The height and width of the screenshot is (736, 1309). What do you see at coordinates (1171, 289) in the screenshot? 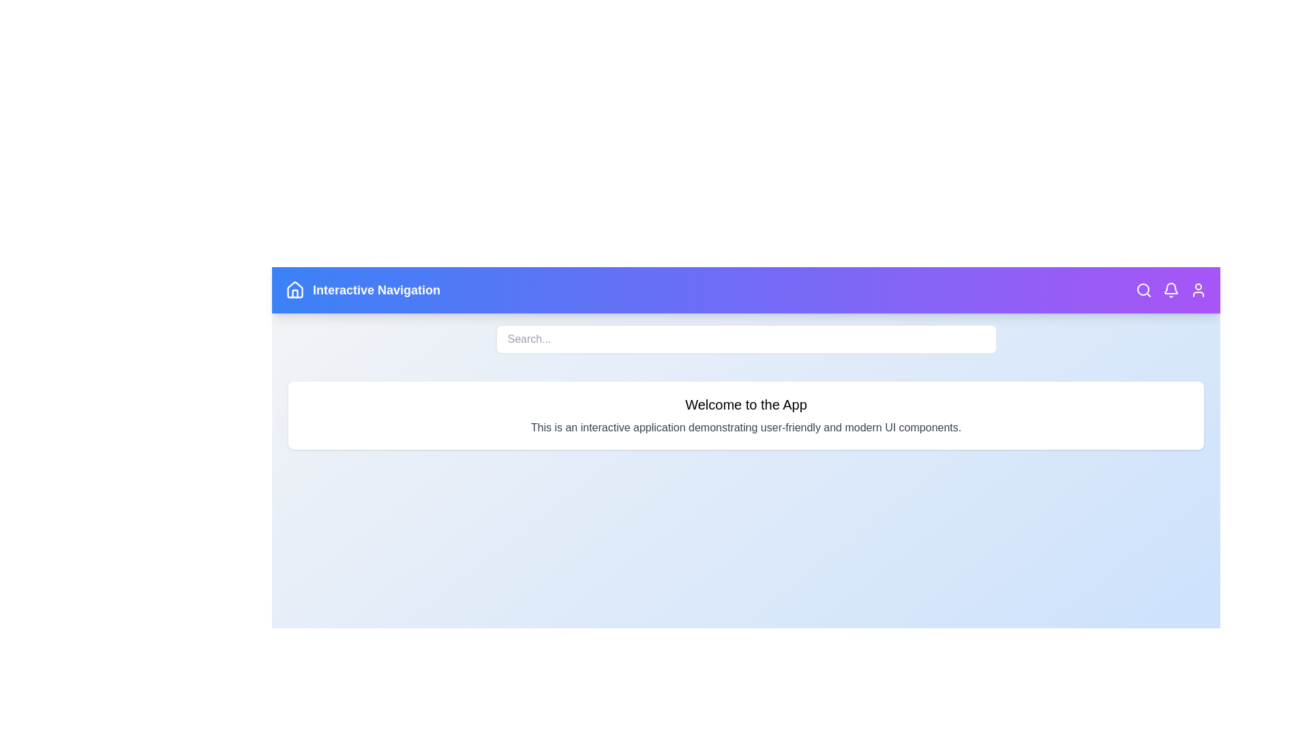
I see `the bell icon to view notifications` at bounding box center [1171, 289].